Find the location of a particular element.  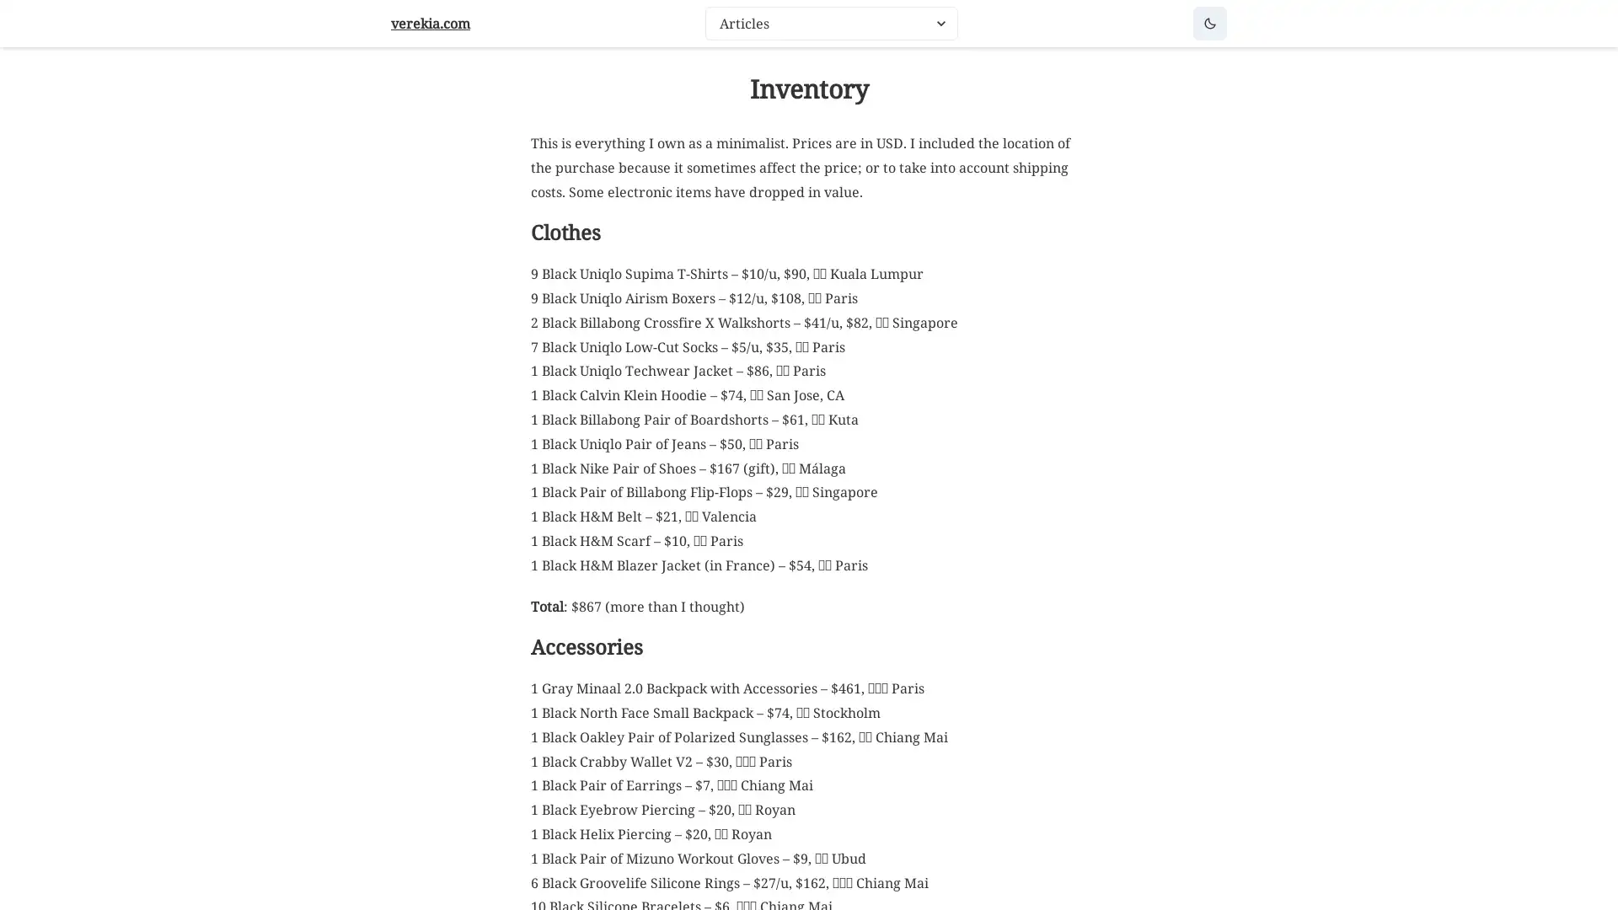

Dark mode is located at coordinates (1208, 23).